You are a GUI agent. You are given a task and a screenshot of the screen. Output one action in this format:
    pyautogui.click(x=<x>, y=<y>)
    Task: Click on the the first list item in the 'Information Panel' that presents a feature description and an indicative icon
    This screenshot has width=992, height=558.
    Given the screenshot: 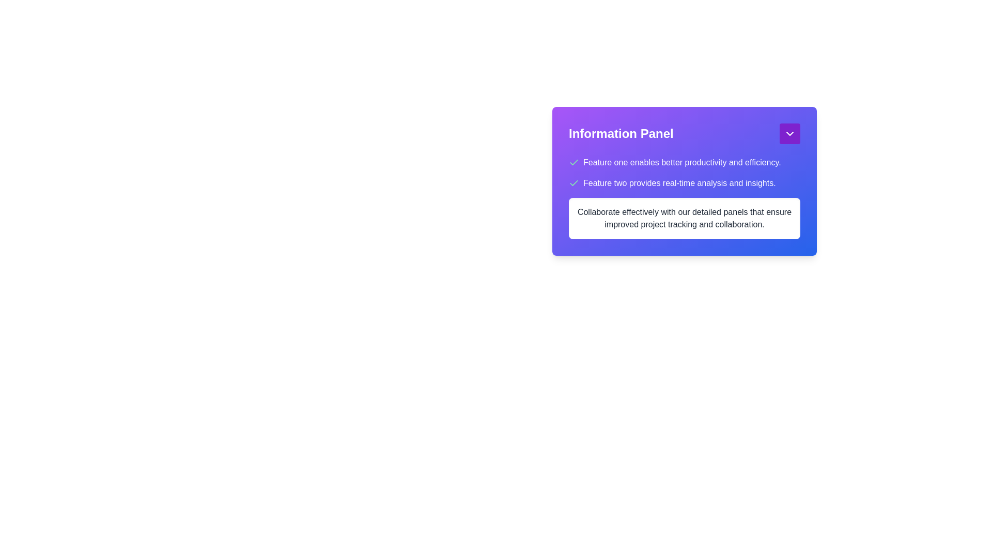 What is the action you would take?
    pyautogui.click(x=684, y=163)
    